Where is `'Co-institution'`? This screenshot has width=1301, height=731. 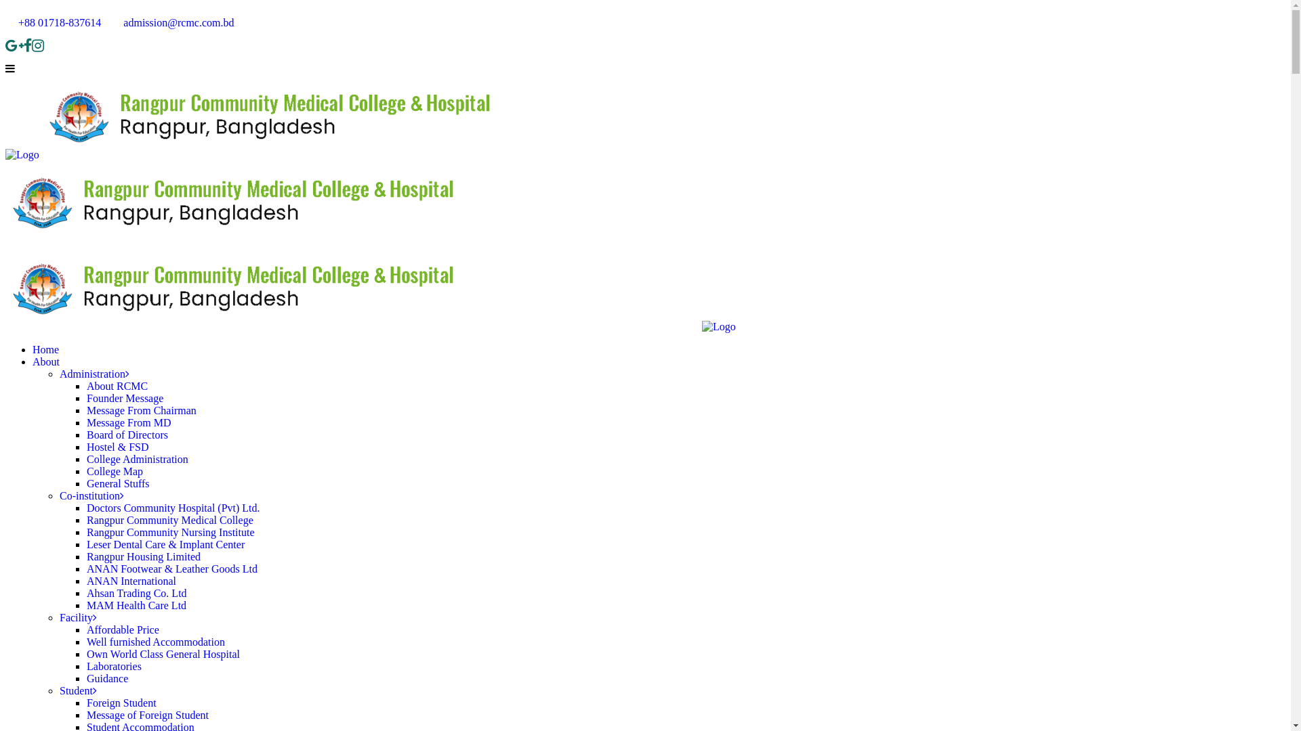
'Co-institution' is located at coordinates (91, 495).